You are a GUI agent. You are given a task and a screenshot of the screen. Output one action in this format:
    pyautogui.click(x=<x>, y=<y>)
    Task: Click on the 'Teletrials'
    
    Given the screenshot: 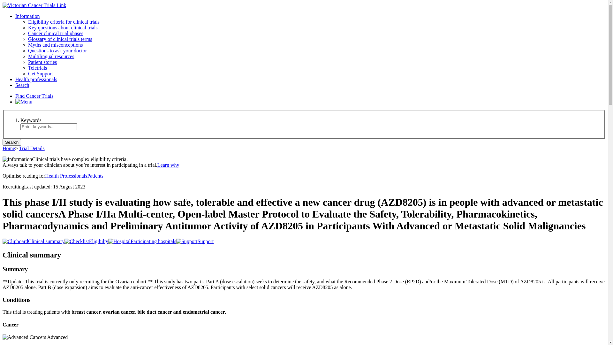 What is the action you would take?
    pyautogui.click(x=37, y=68)
    